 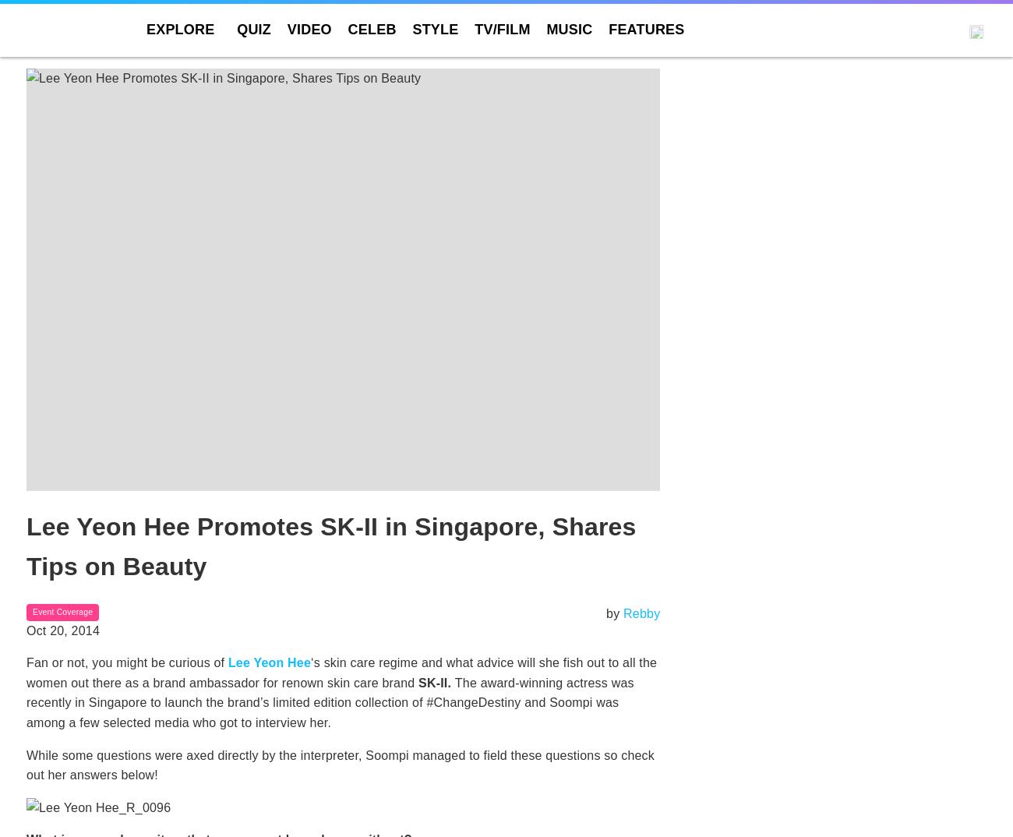 What do you see at coordinates (436, 681) in the screenshot?
I see `'SK-II.'` at bounding box center [436, 681].